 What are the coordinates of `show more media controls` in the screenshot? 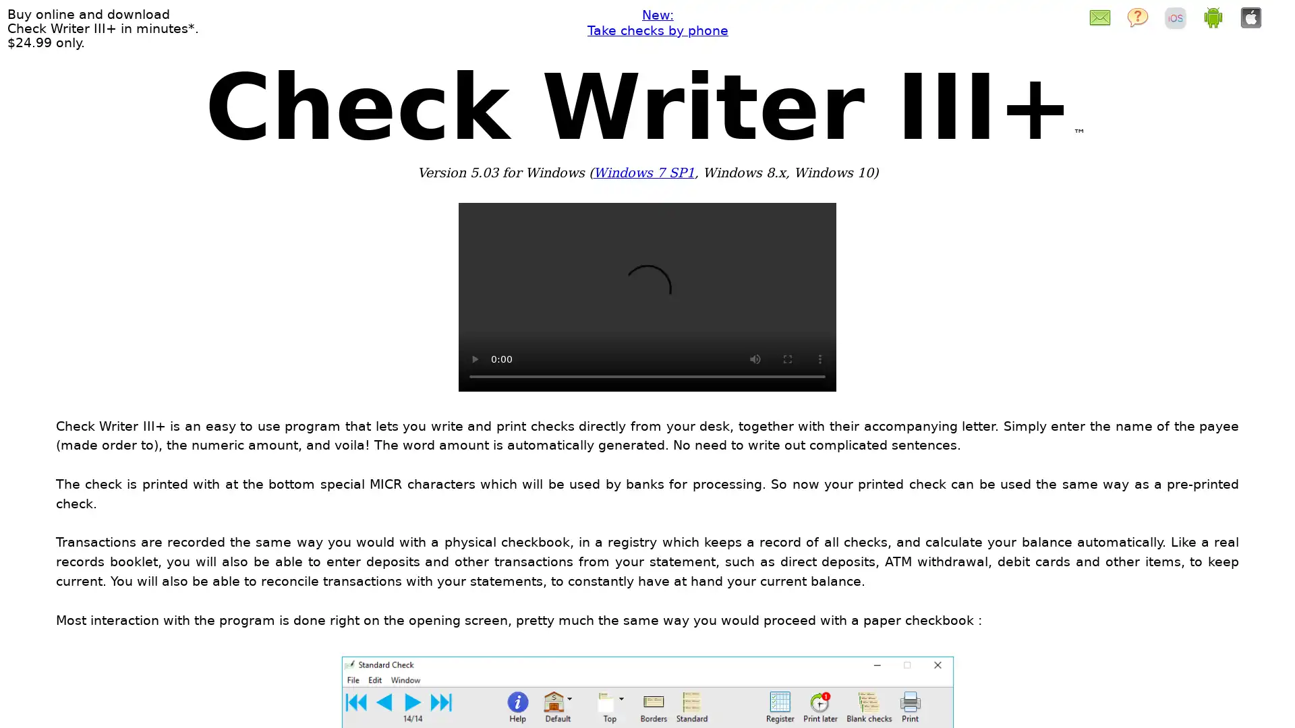 It's located at (819, 358).